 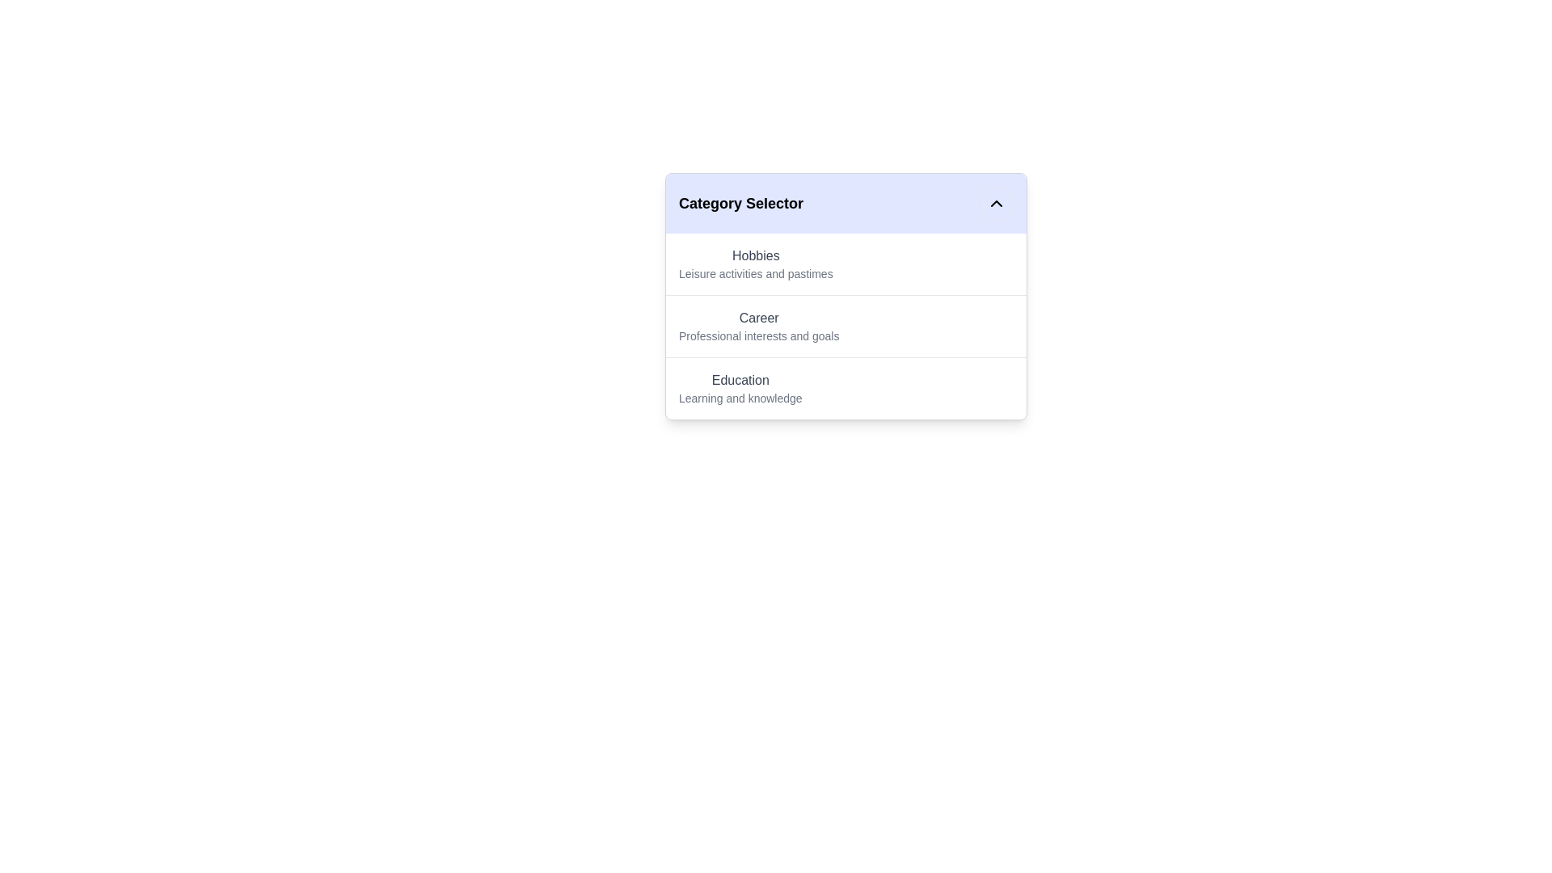 I want to click on the static text element that reads 'Learning and knowledge', which is styled in smaller gray font and positioned directly beneath the 'Education' title, so click(x=740, y=399).